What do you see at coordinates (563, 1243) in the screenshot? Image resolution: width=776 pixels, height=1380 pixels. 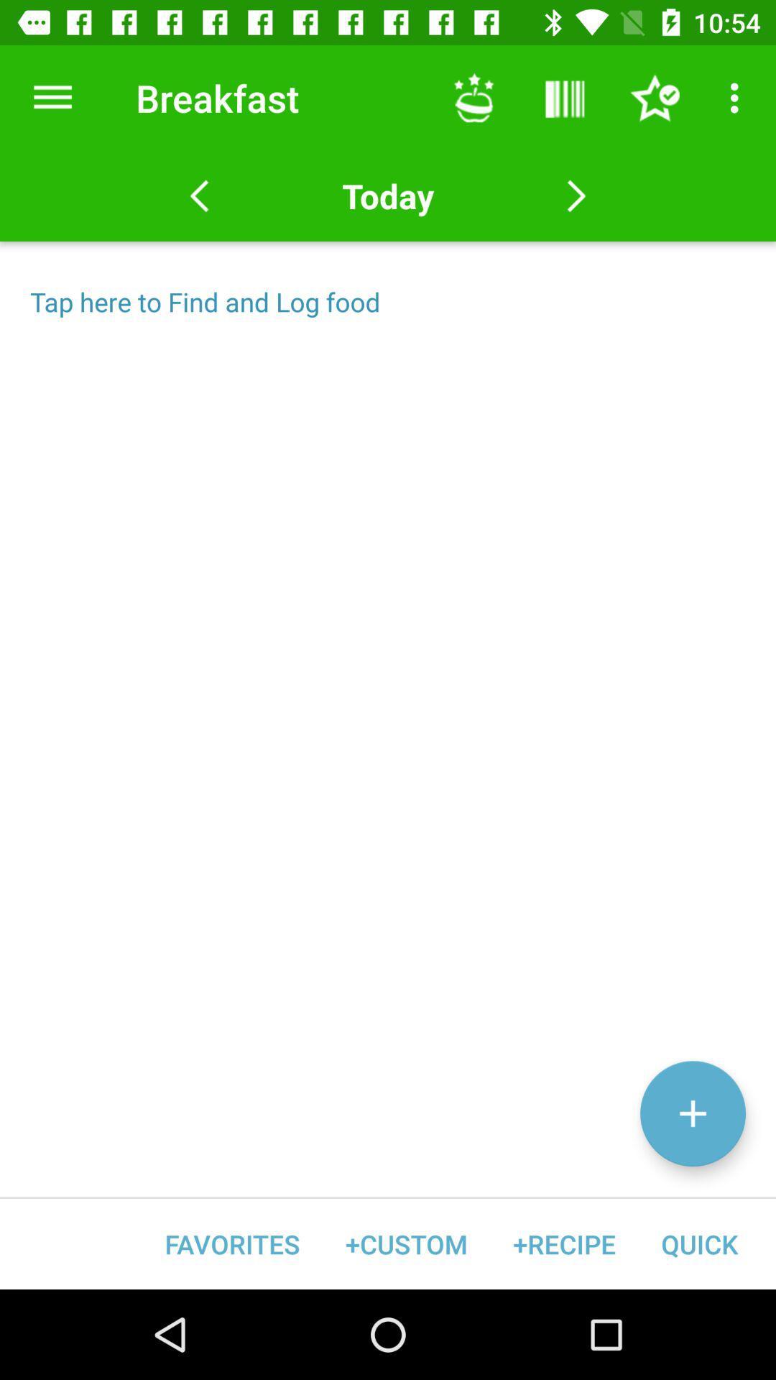 I see `item next to quick icon` at bounding box center [563, 1243].